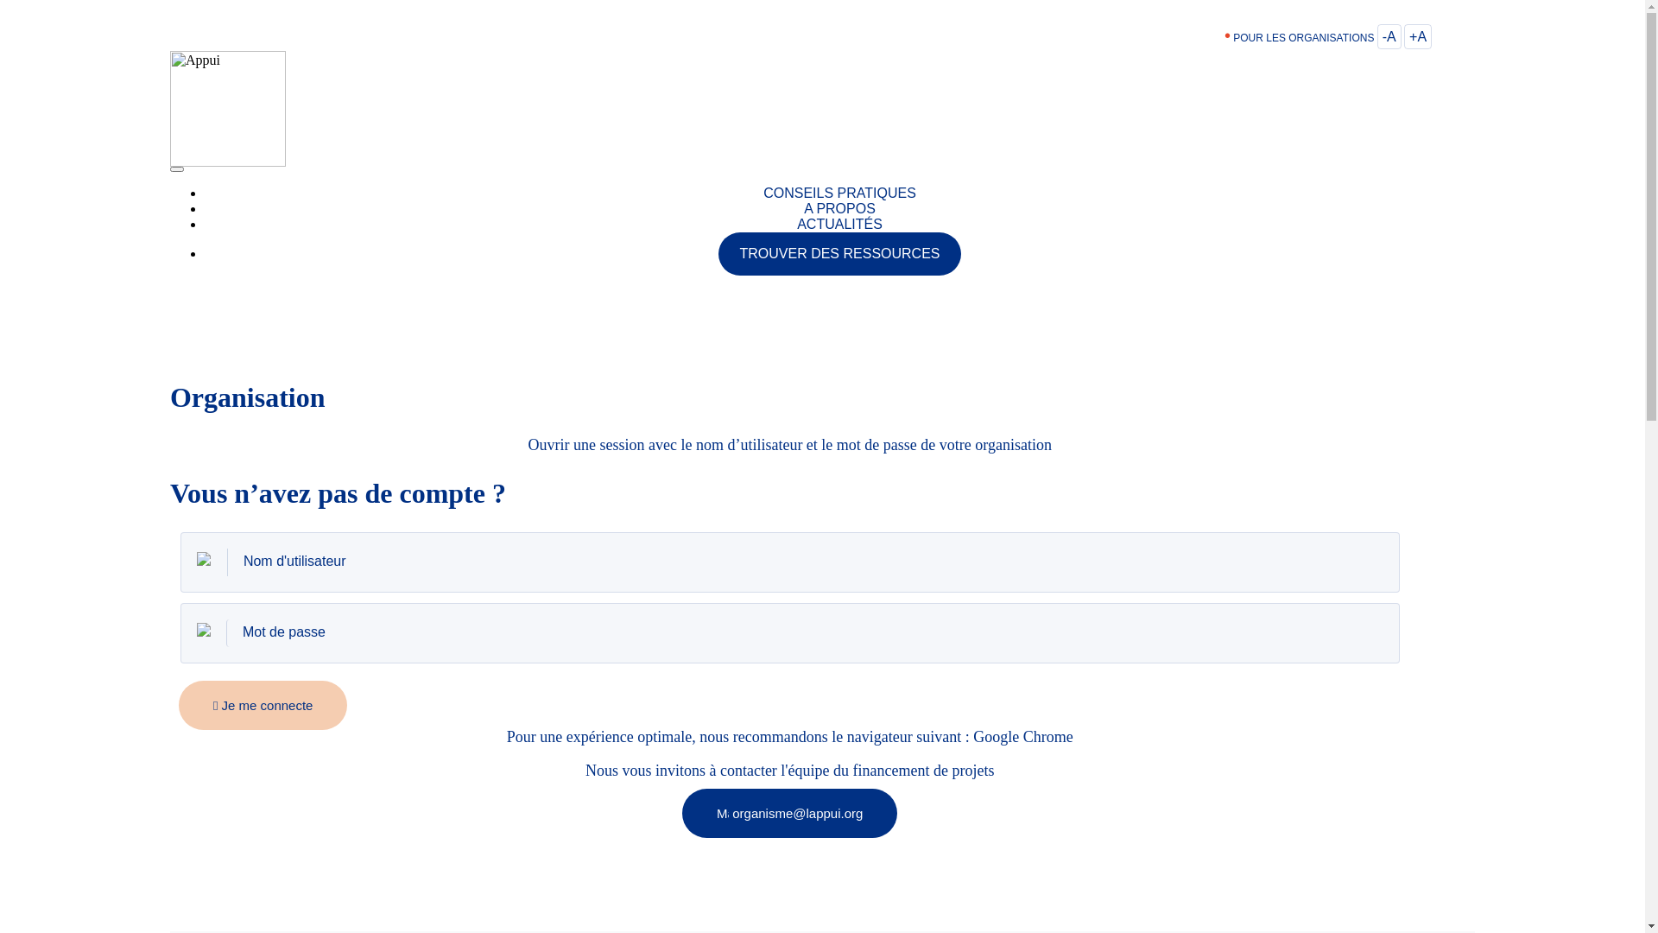  What do you see at coordinates (839, 193) in the screenshot?
I see `'CONSEILS PRATIQUES'` at bounding box center [839, 193].